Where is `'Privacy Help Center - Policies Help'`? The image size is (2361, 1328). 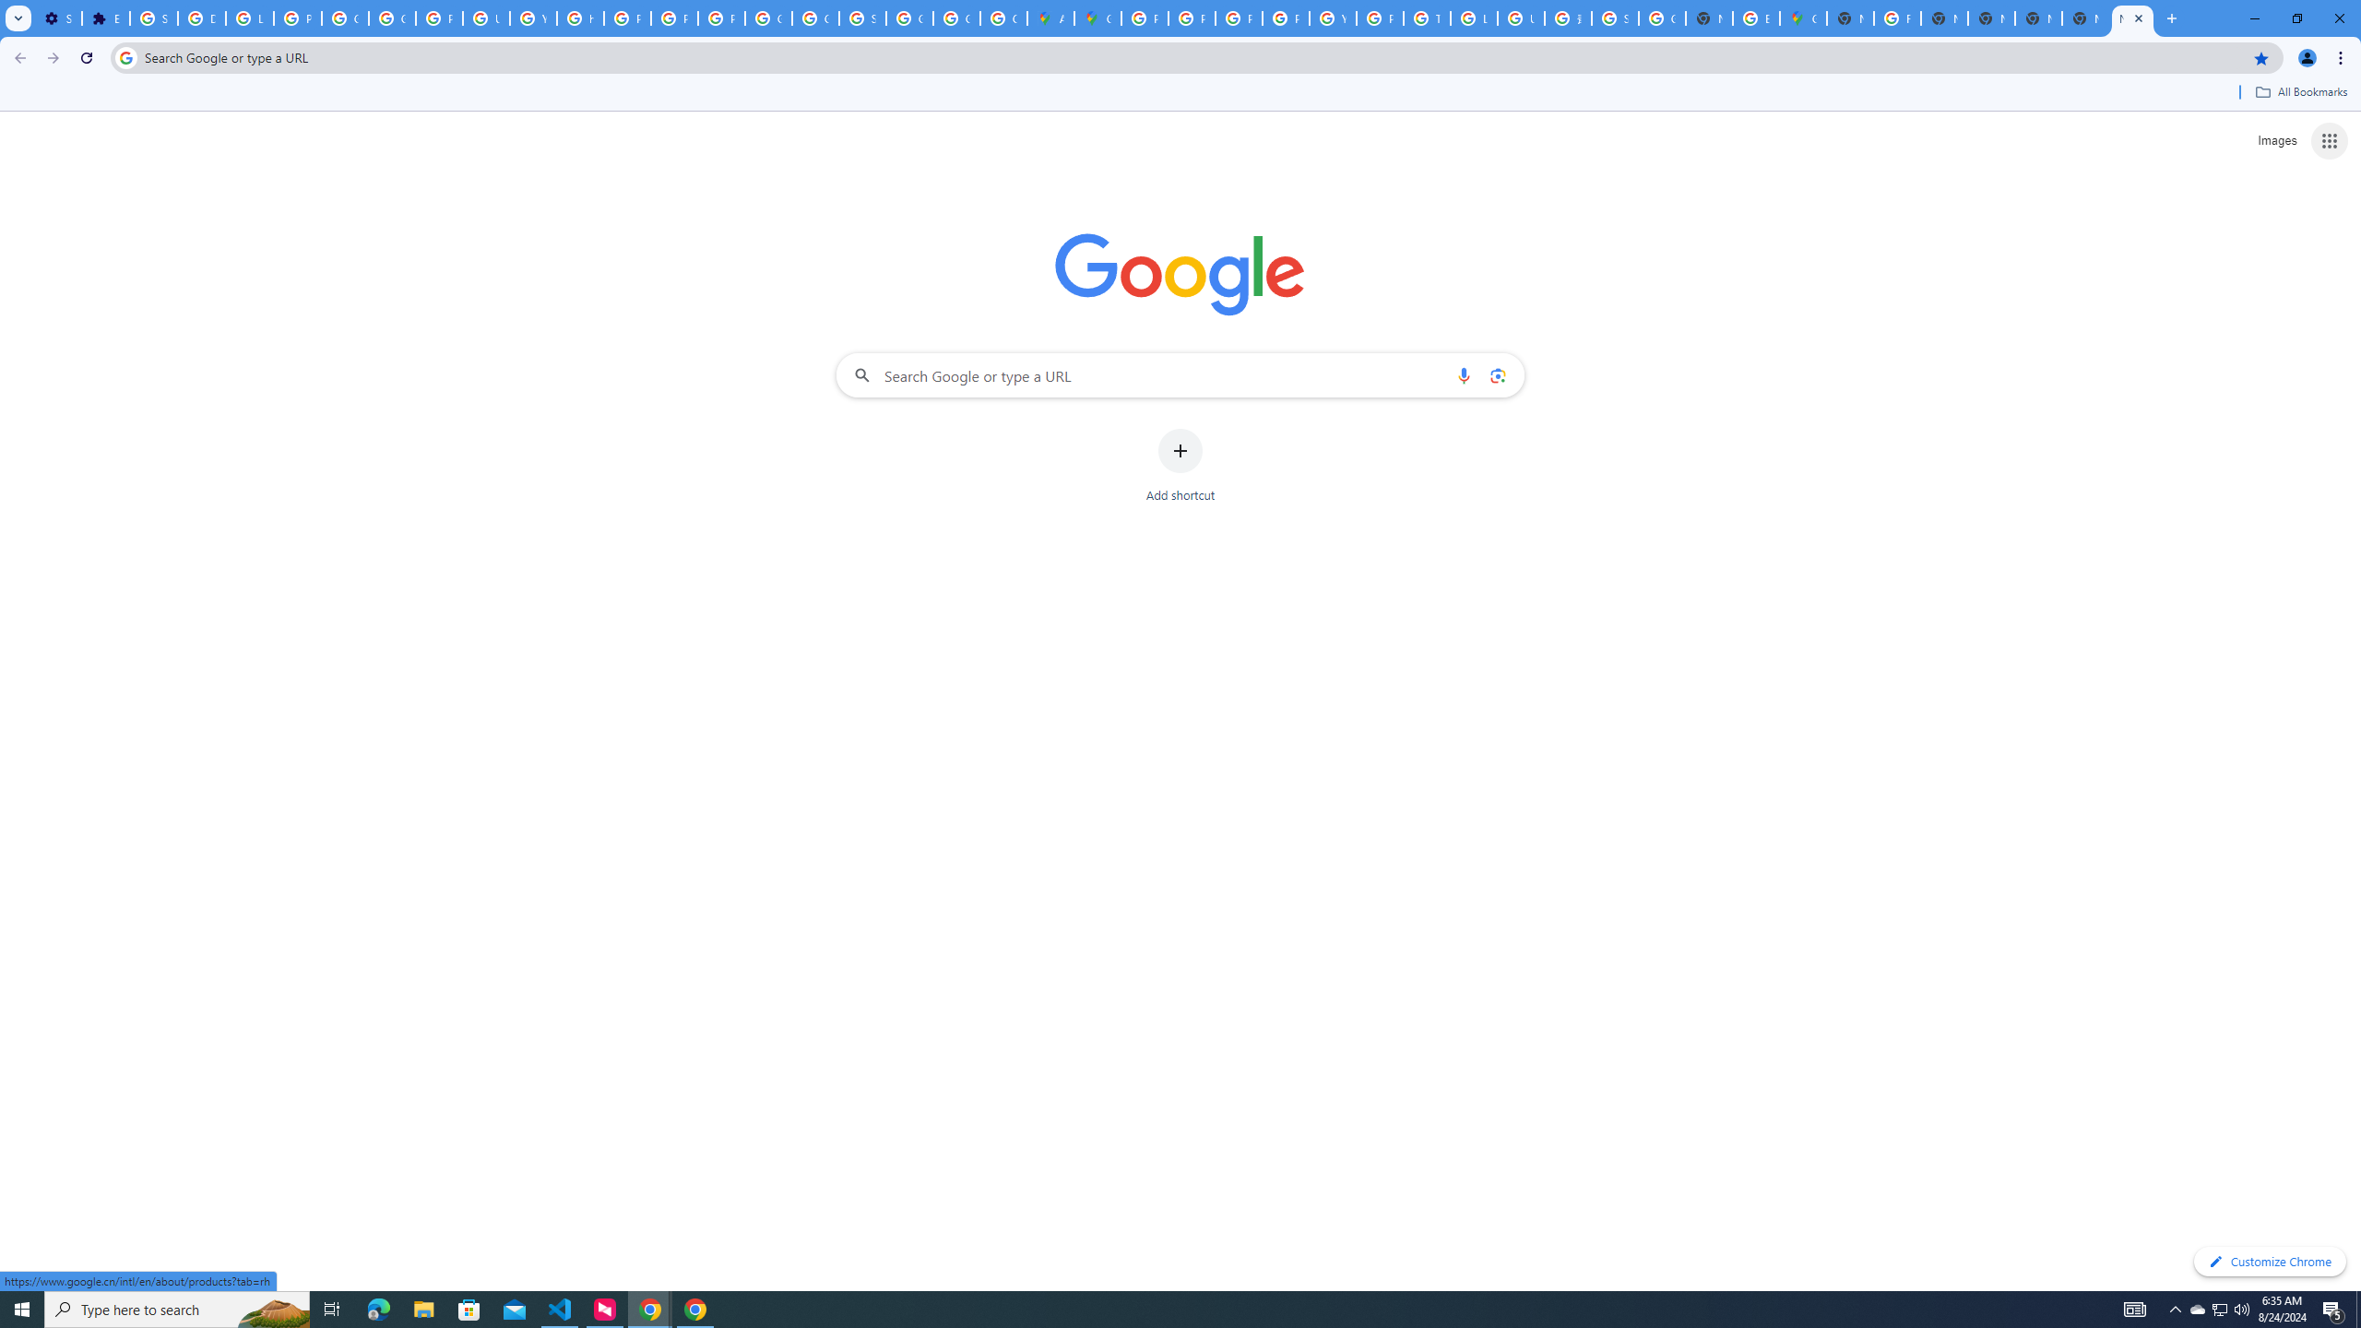 'Privacy Help Center - Policies Help' is located at coordinates (625, 18).